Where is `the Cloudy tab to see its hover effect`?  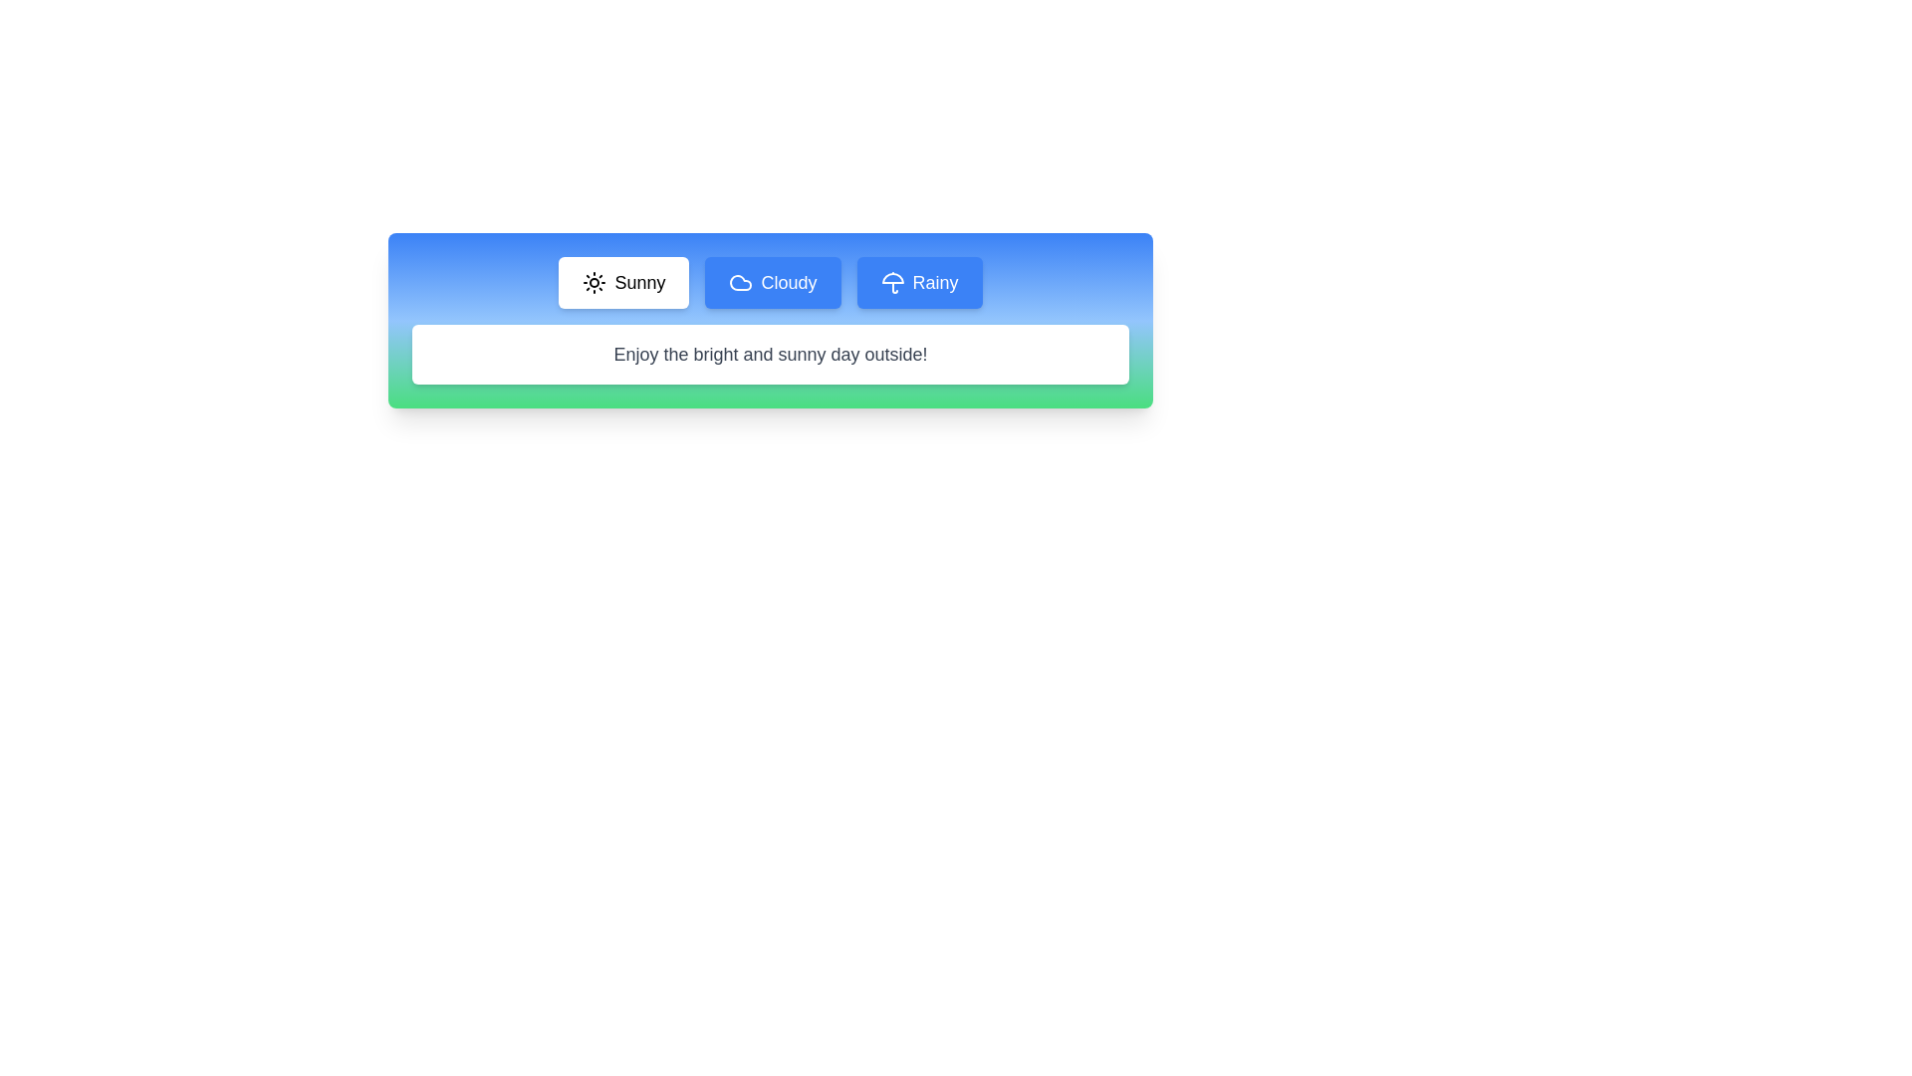 the Cloudy tab to see its hover effect is located at coordinates (772, 283).